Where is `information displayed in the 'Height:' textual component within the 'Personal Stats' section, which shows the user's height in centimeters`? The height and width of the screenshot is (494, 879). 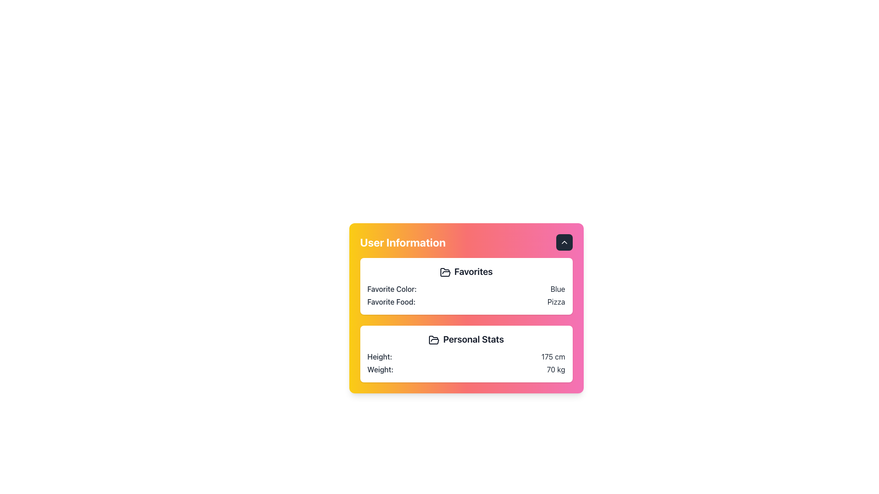
information displayed in the 'Height:' textual component within the 'Personal Stats' section, which shows the user's height in centimeters is located at coordinates (466, 356).